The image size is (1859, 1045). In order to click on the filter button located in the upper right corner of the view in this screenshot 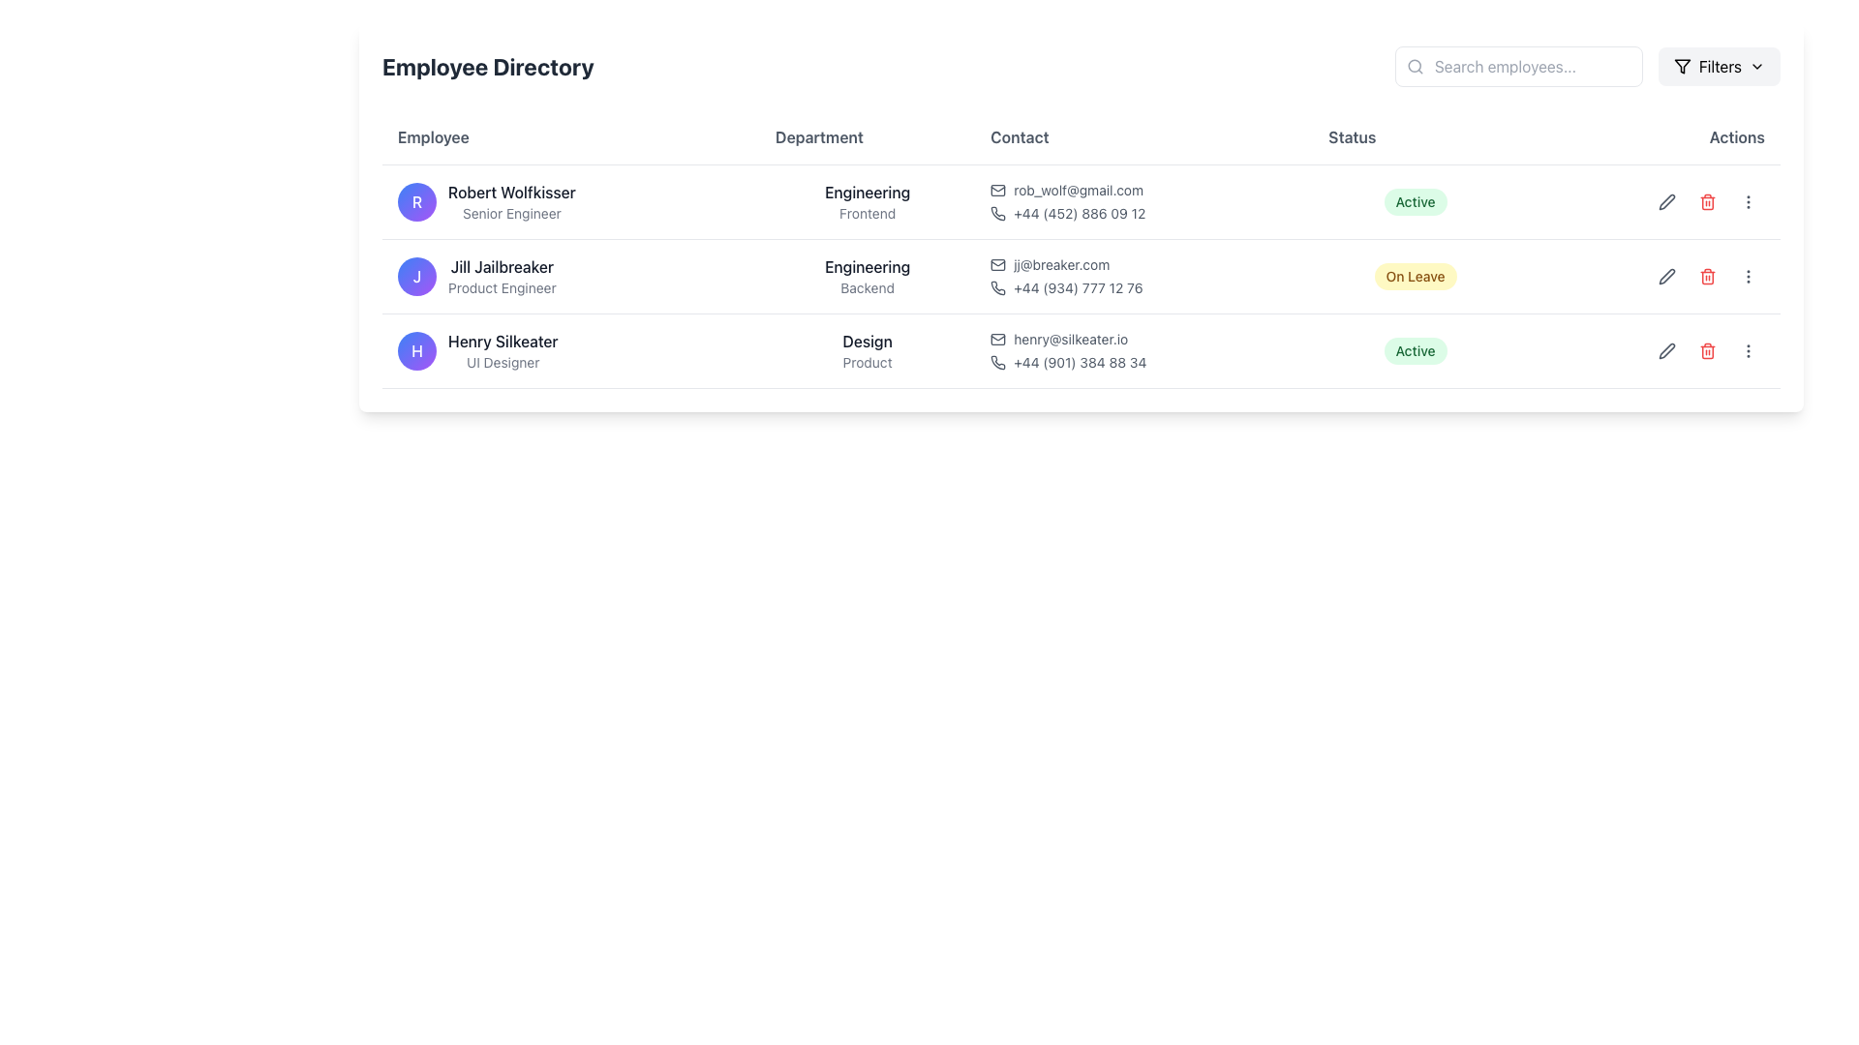, I will do `click(1720, 66)`.